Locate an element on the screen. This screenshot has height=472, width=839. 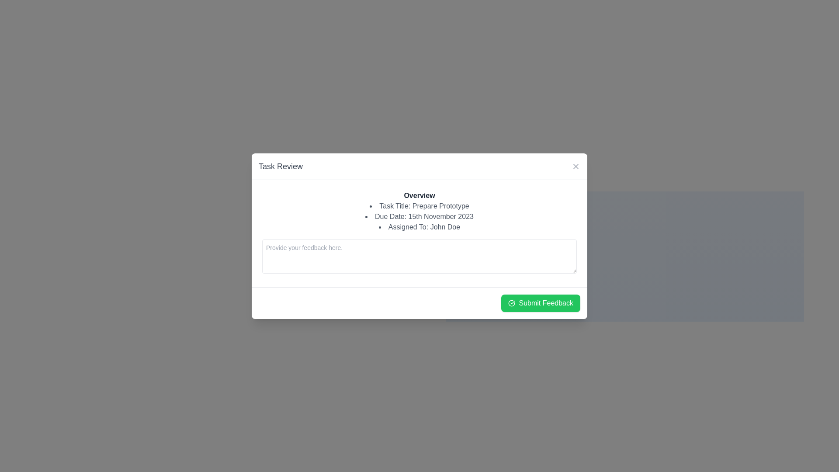
the submit feedback button located at the bottom-right corner of the 'Task Review' modal dialog to change its color is located at coordinates (540, 302).